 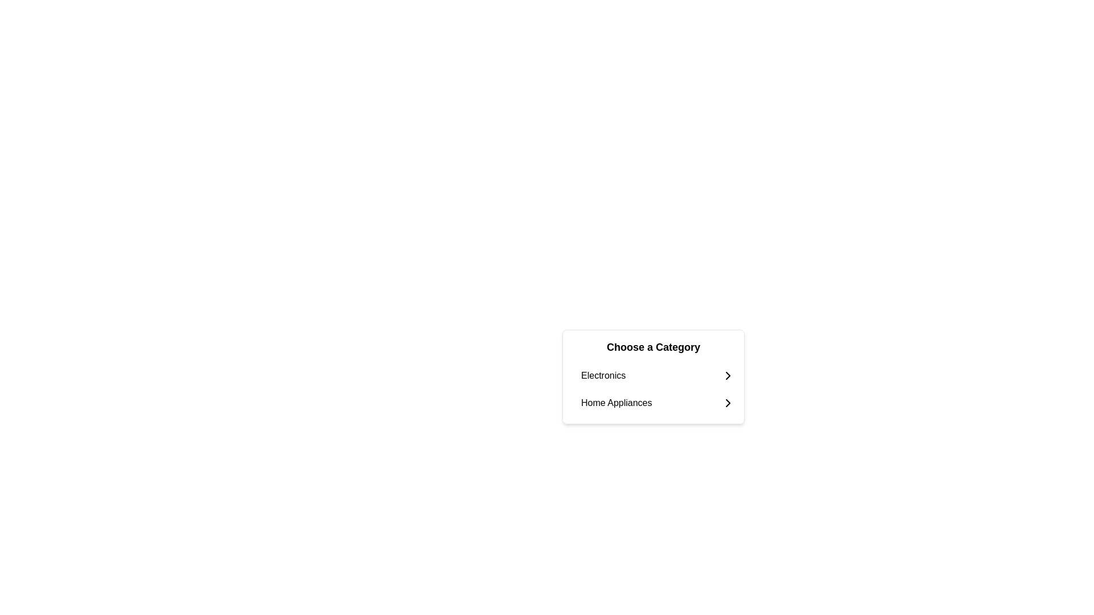 What do you see at coordinates (727, 403) in the screenshot?
I see `the Icon (Chevron Right) located at the far right of the 'Home Appliances' text` at bounding box center [727, 403].